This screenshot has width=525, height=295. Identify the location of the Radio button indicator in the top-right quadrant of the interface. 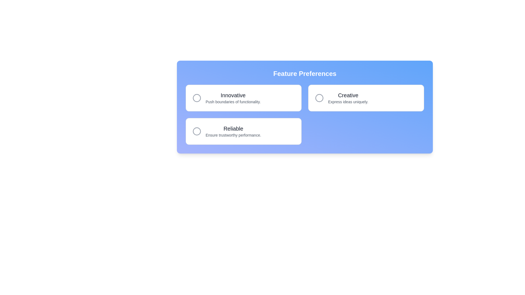
(319, 98).